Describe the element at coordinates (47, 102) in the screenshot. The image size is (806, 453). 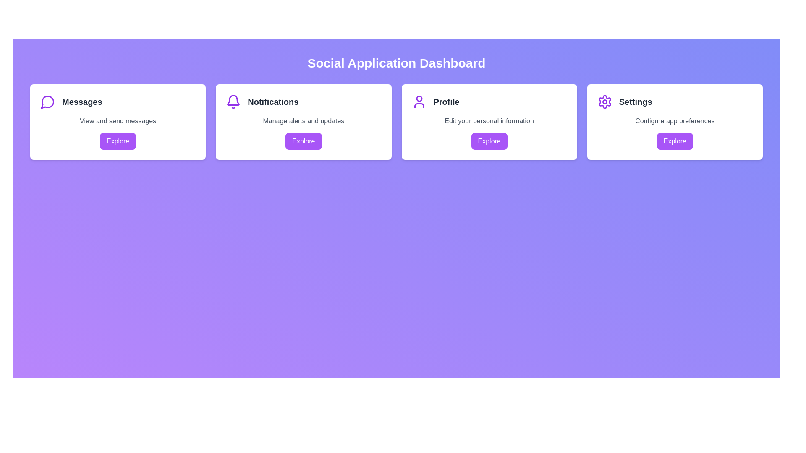
I see `the purple outlined chat bubble icon located at the top left corner of the 'Messages' widget on the dashboard` at that location.